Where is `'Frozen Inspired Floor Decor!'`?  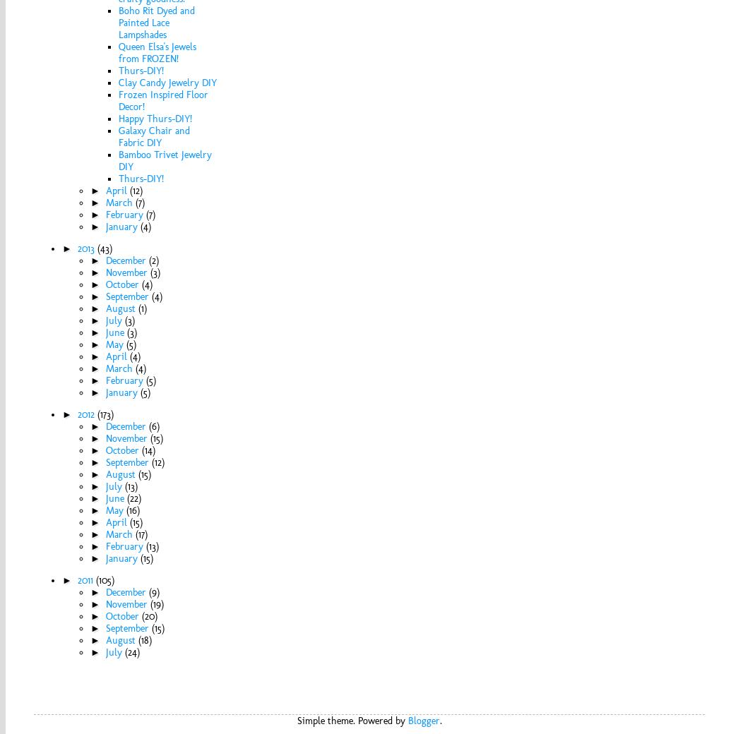 'Frozen Inspired Floor Decor!' is located at coordinates (117, 100).